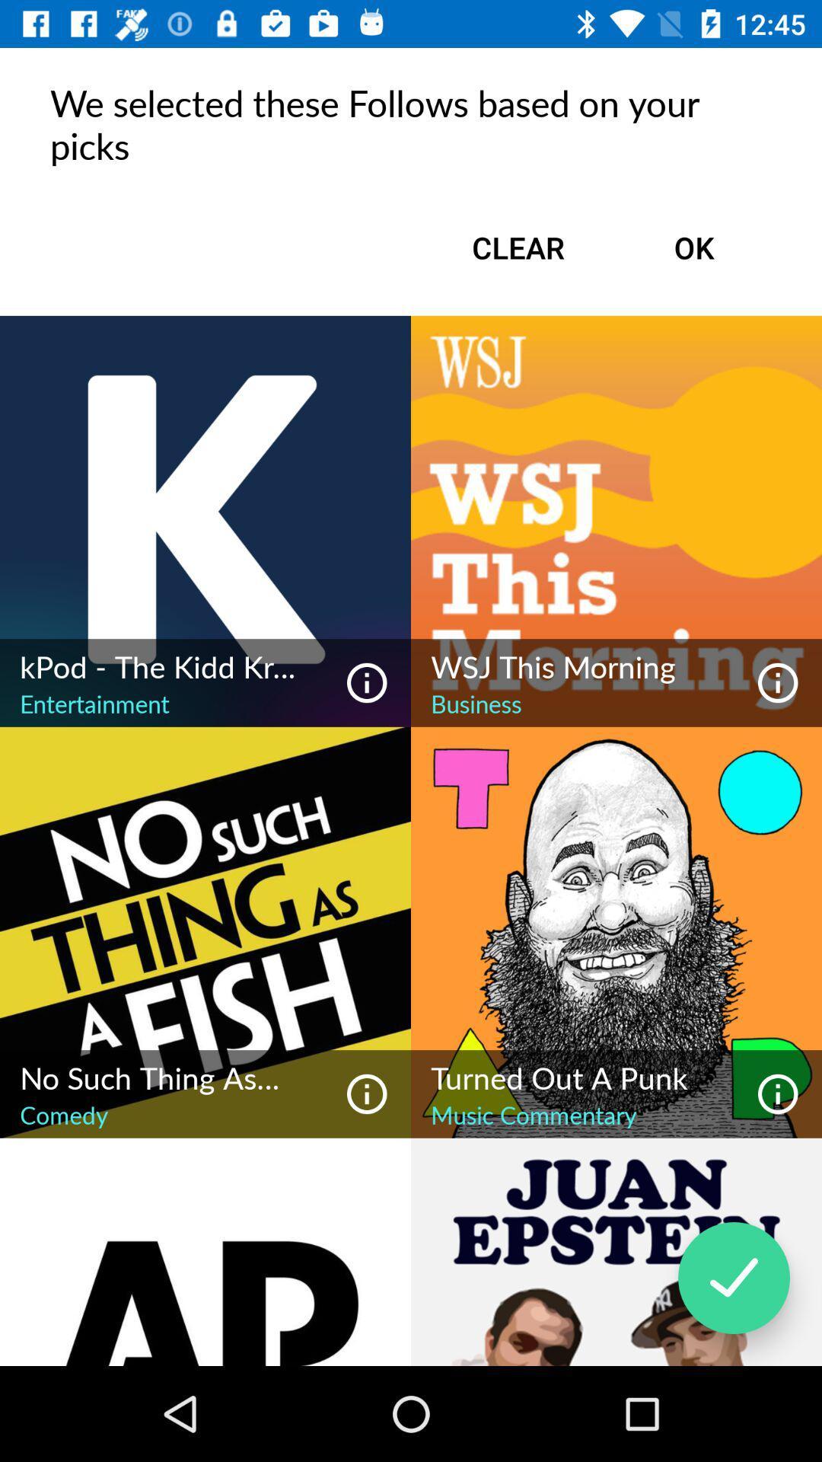 Image resolution: width=822 pixels, height=1462 pixels. What do you see at coordinates (693, 247) in the screenshot?
I see `the icon next to the clear` at bounding box center [693, 247].